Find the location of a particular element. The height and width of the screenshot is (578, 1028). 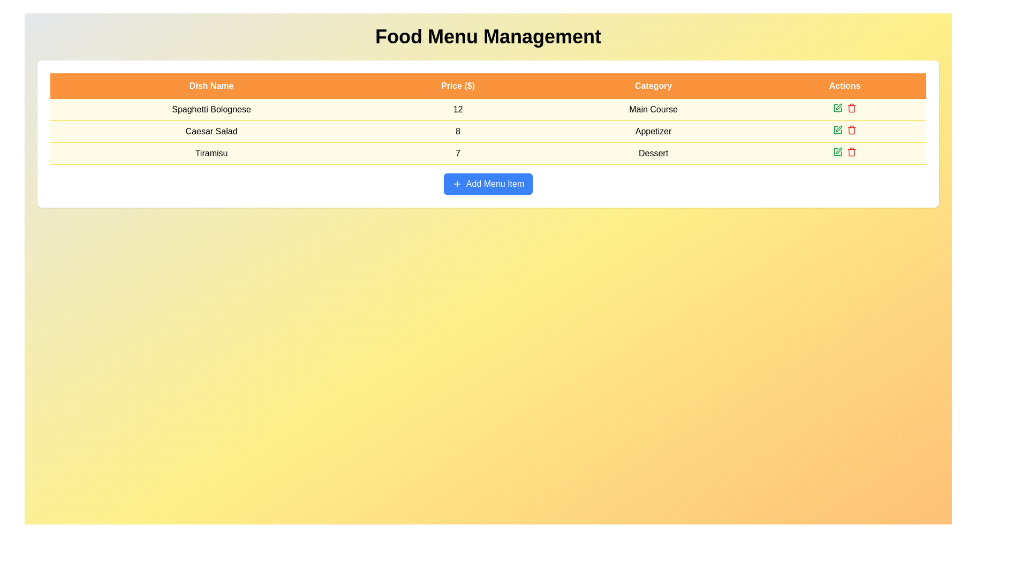

the first SVG icon in the 'Actions' column of the table for the 'Main Course' category is located at coordinates (838, 107).